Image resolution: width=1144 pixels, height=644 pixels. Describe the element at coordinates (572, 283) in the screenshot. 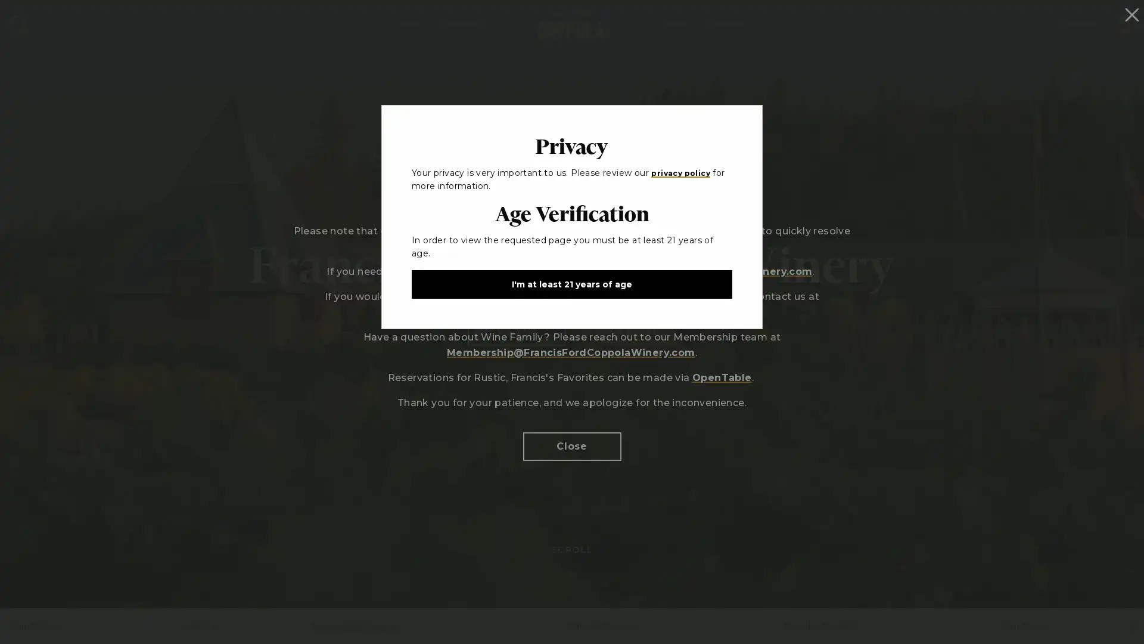

I see `I'm at least 21 years of age` at that location.